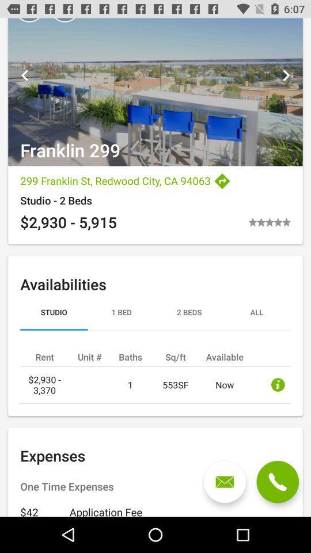 The width and height of the screenshot is (311, 553). What do you see at coordinates (225, 482) in the screenshot?
I see `the email icon` at bounding box center [225, 482].